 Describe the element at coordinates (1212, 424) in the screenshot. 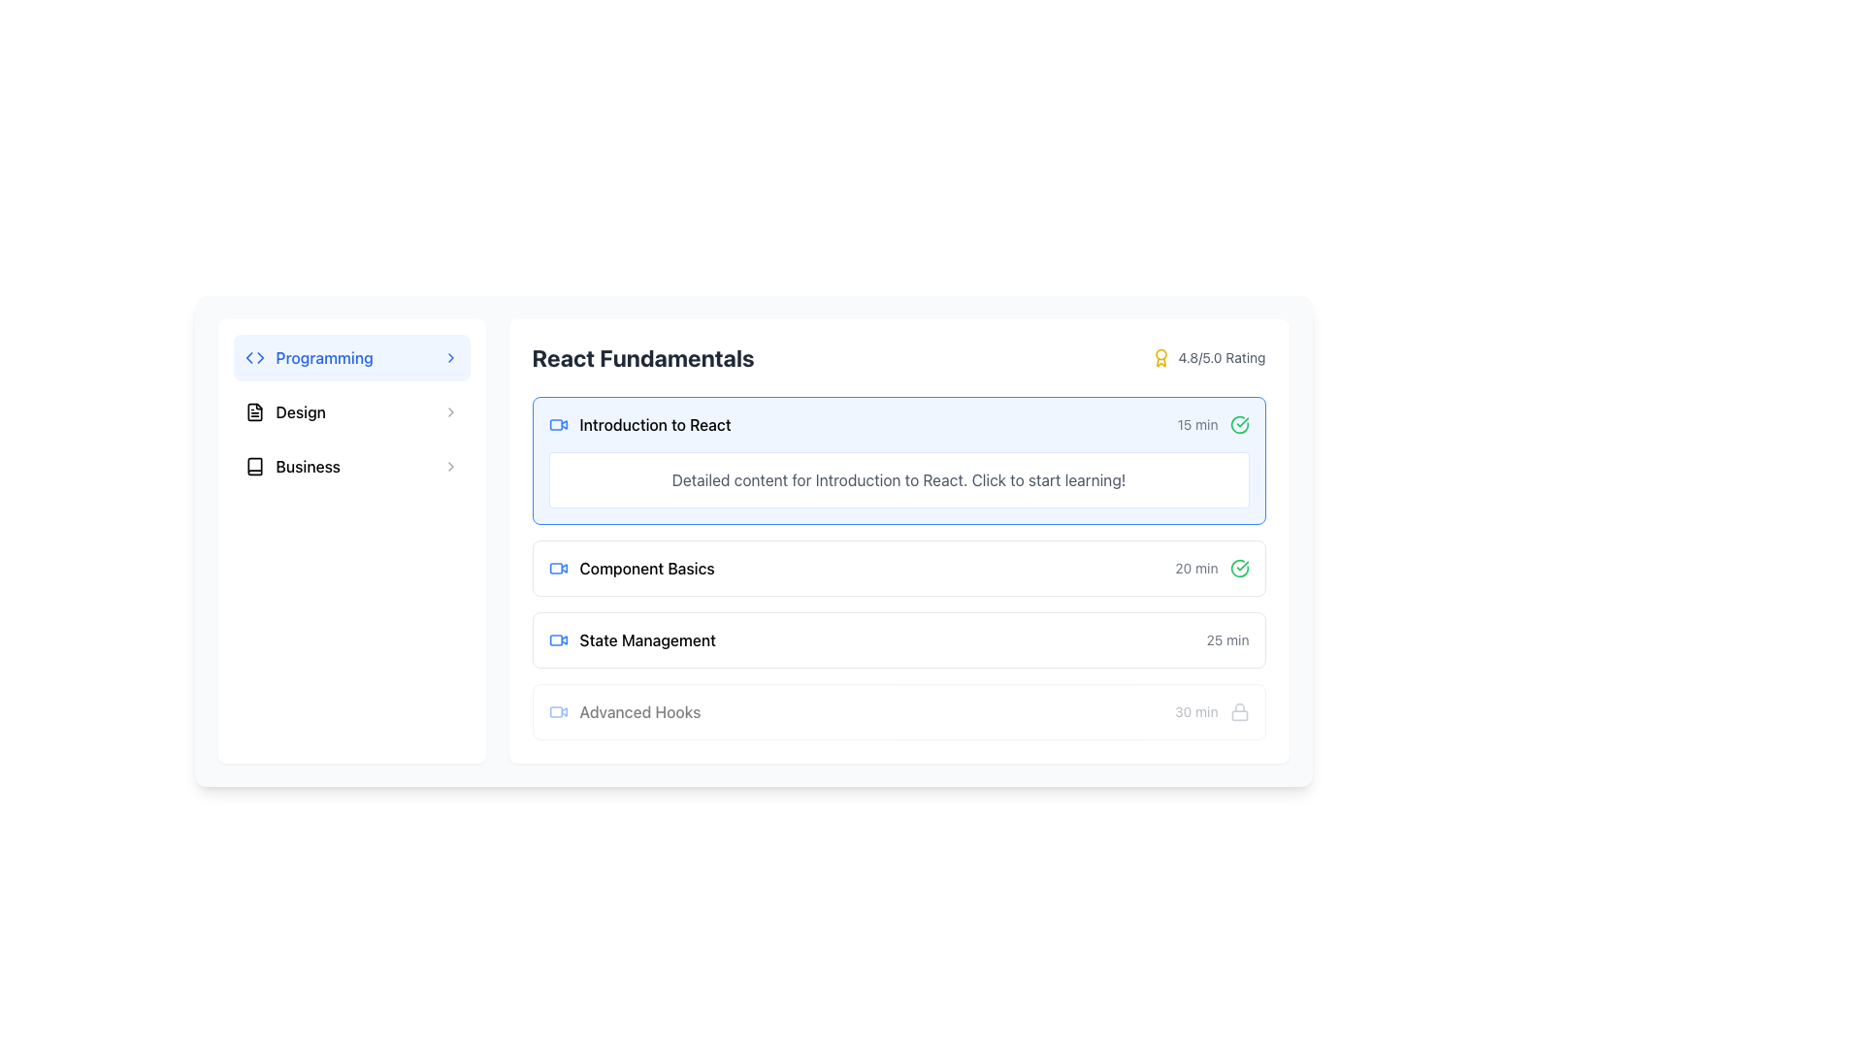

I see `the Label with the text '15 min' and green checkmark icon, located on the right side of the 'Introduction to React' row` at that location.